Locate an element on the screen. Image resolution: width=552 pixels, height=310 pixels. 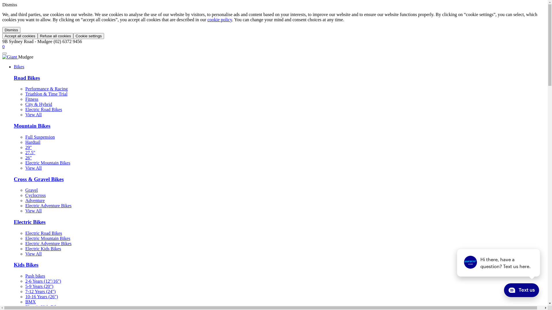
'Electric Mountain Bikes' is located at coordinates (48, 238).